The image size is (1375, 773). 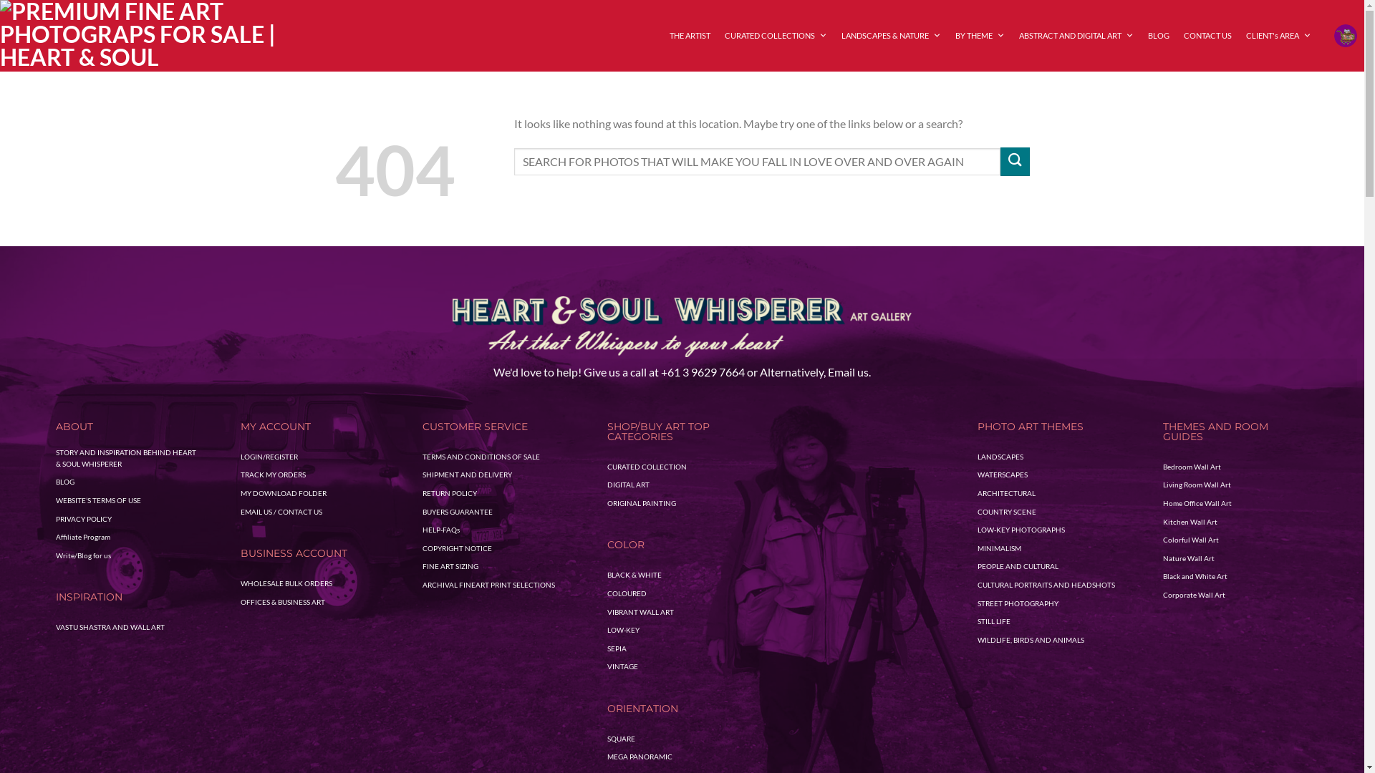 I want to click on 'CONTACT US', so click(x=1176, y=35).